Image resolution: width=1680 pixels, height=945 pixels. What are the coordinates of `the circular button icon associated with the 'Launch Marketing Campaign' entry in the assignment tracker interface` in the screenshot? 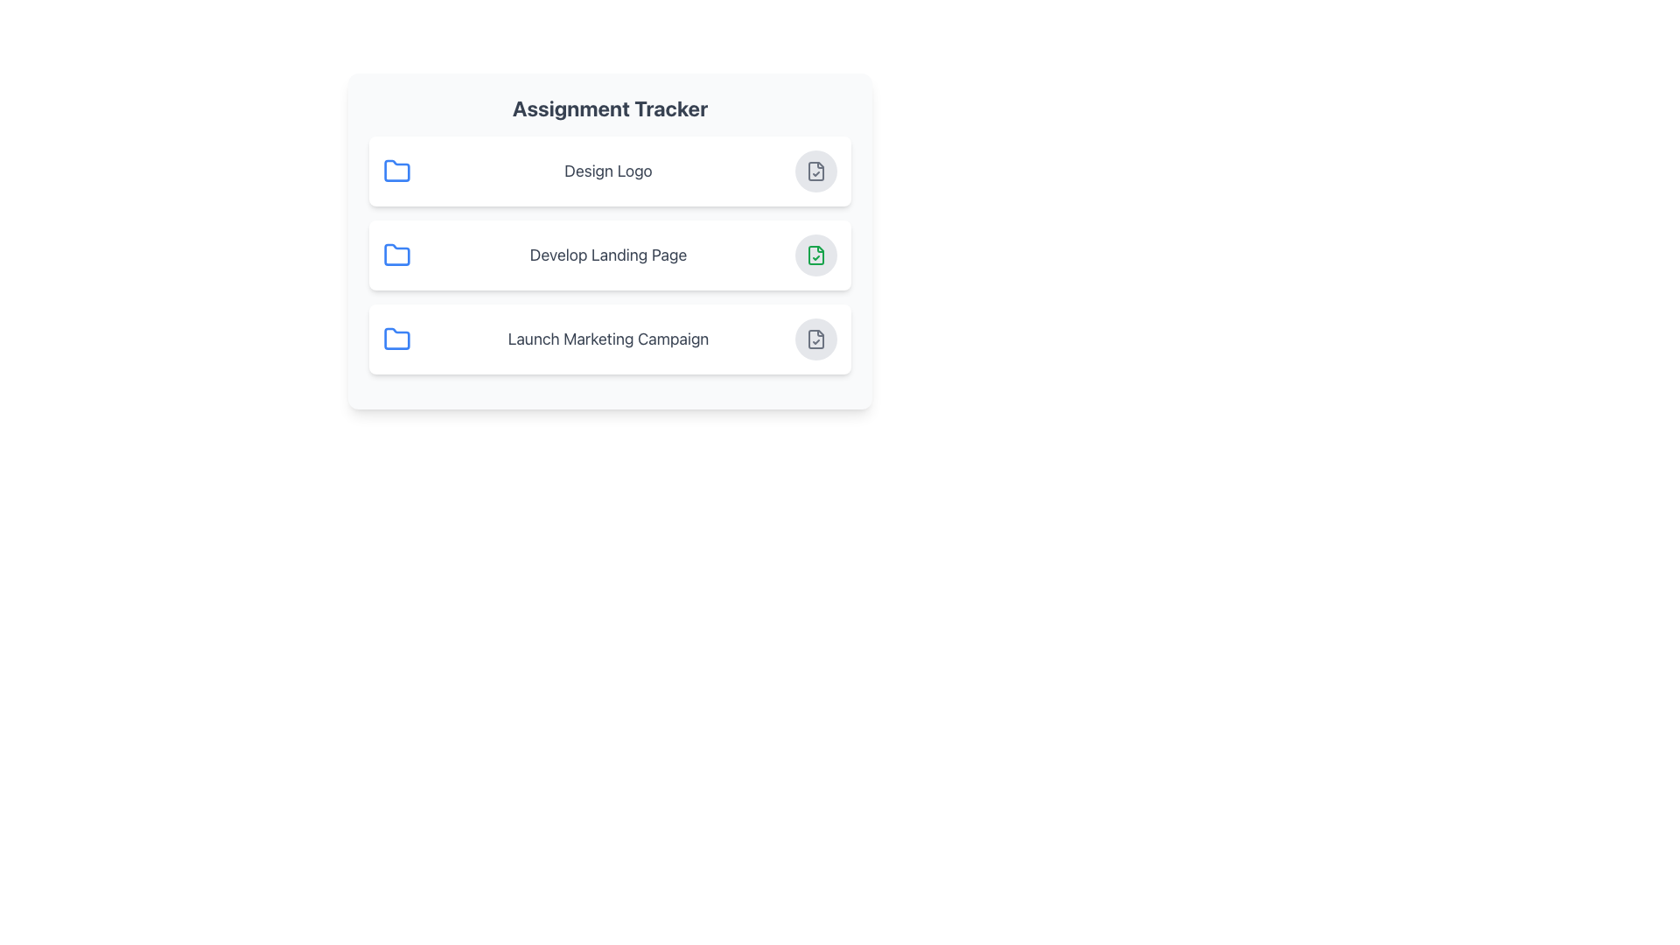 It's located at (815, 339).